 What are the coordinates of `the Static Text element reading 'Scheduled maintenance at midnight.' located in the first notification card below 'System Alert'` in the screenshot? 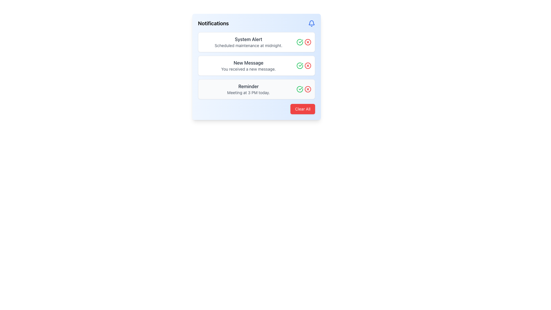 It's located at (248, 45).